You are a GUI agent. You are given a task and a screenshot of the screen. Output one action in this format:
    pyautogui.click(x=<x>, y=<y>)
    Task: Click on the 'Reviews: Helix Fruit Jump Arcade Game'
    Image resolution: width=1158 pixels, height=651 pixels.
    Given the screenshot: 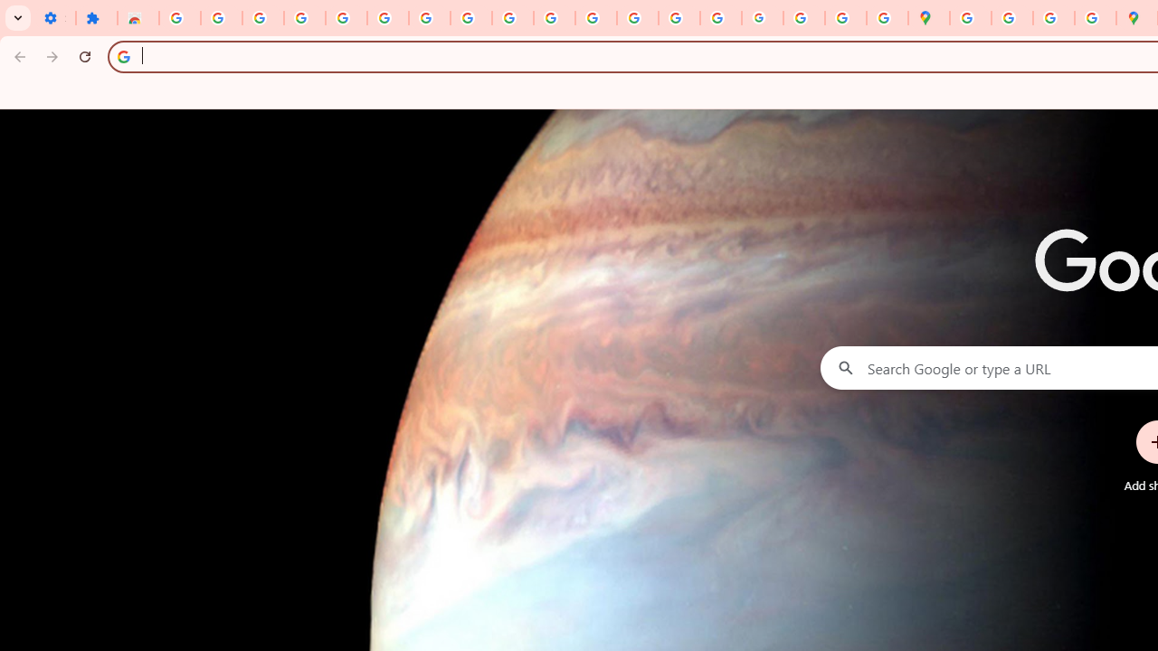 What is the action you would take?
    pyautogui.click(x=138, y=18)
    